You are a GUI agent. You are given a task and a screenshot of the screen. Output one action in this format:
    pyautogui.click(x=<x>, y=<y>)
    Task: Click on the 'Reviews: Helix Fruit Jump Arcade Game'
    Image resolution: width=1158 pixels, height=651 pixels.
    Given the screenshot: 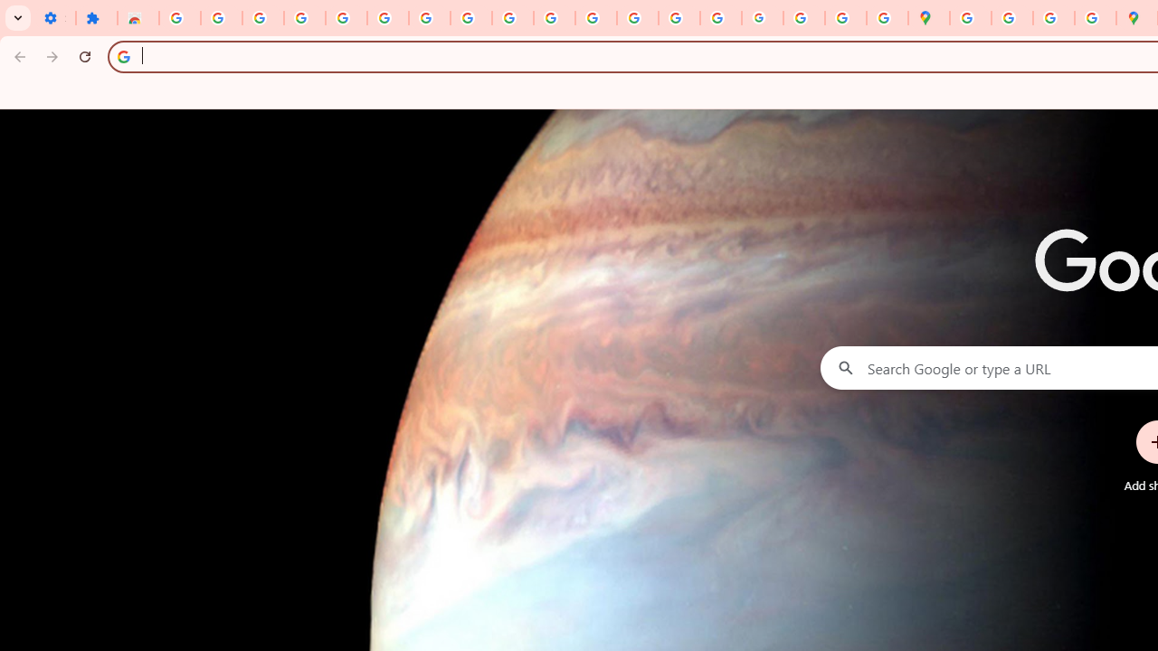 What is the action you would take?
    pyautogui.click(x=138, y=18)
    